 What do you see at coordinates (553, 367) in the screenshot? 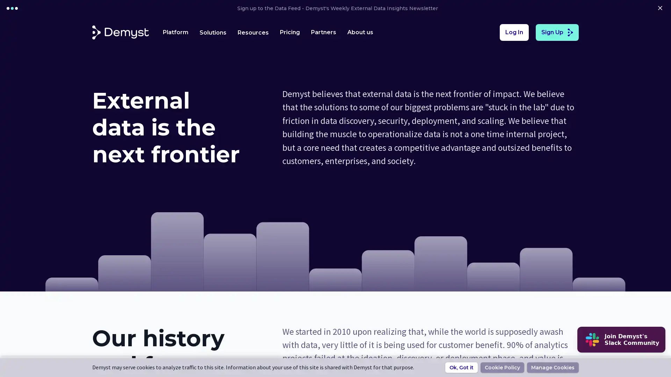
I see `Manage Cookies` at bounding box center [553, 367].